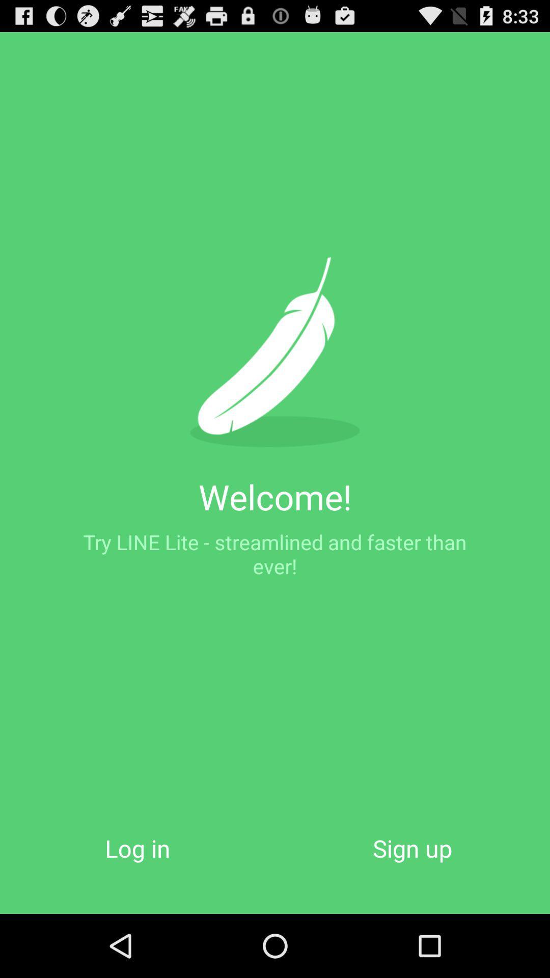 Image resolution: width=550 pixels, height=978 pixels. What do you see at coordinates (137, 848) in the screenshot?
I see `the log in item` at bounding box center [137, 848].